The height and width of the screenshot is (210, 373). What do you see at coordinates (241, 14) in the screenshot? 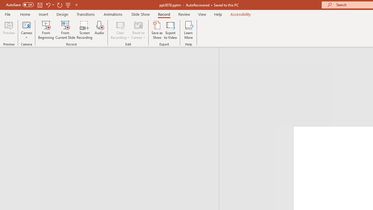
I see `'Accessibility'` at bounding box center [241, 14].